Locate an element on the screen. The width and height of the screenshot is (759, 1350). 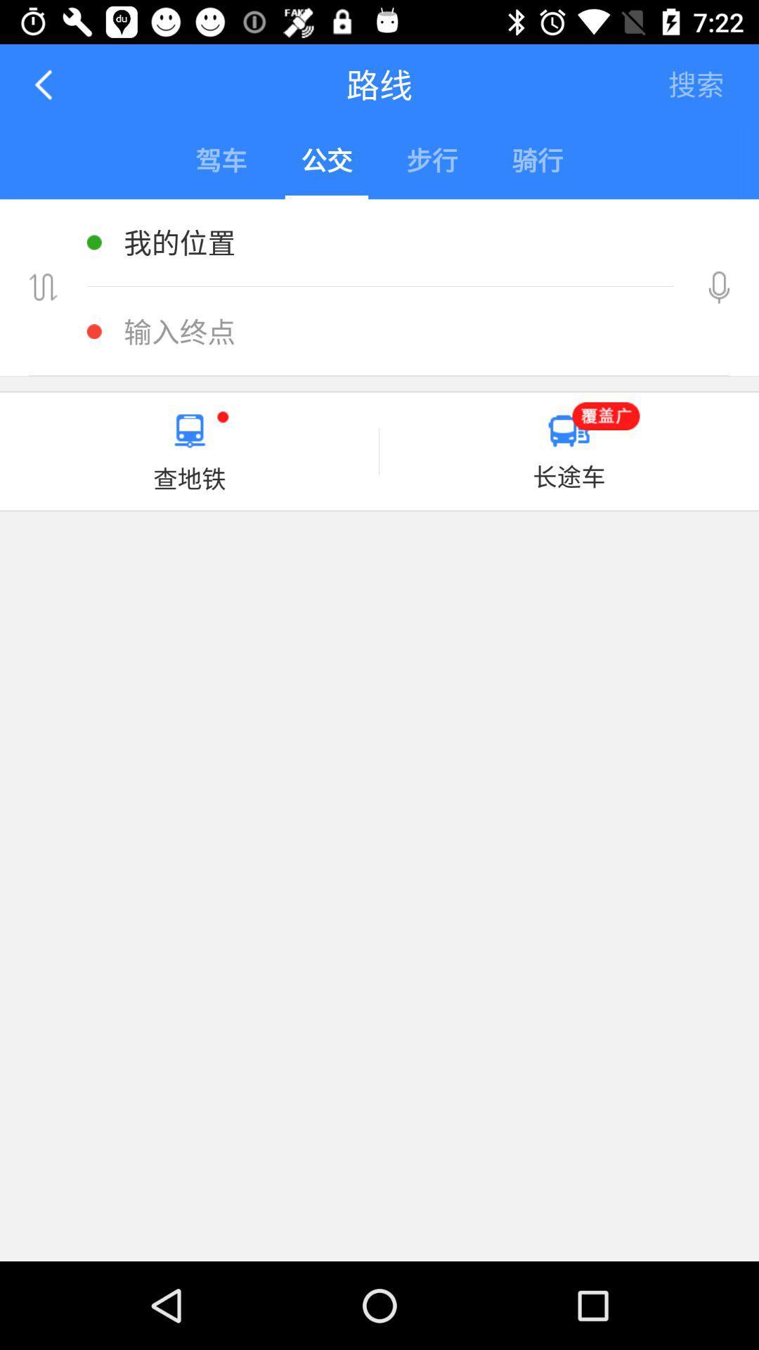
second option in the menu bar is located at coordinates (327, 162).